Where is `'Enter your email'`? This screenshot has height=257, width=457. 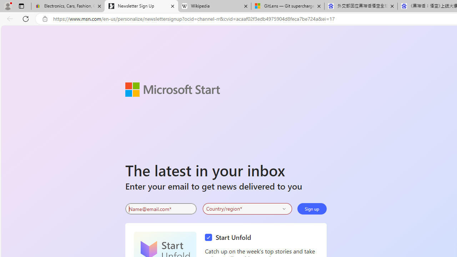 'Enter your email' is located at coordinates (160, 209).